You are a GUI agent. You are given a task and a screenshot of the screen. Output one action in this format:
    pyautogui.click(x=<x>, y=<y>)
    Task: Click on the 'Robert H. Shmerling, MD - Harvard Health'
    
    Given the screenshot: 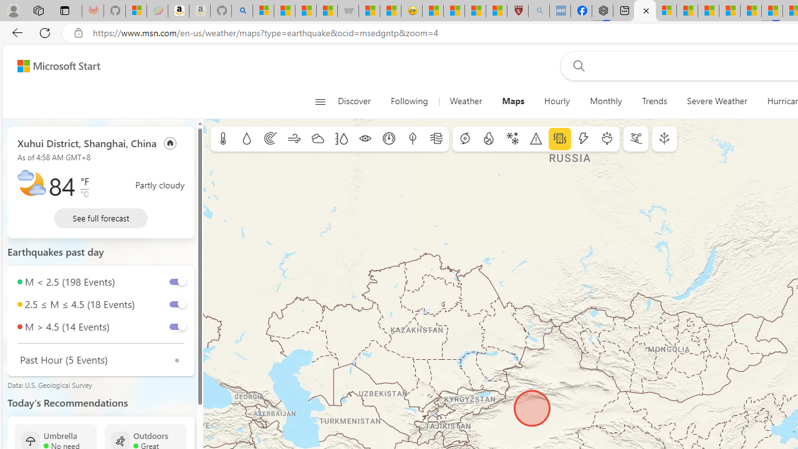 What is the action you would take?
    pyautogui.click(x=517, y=11)
    